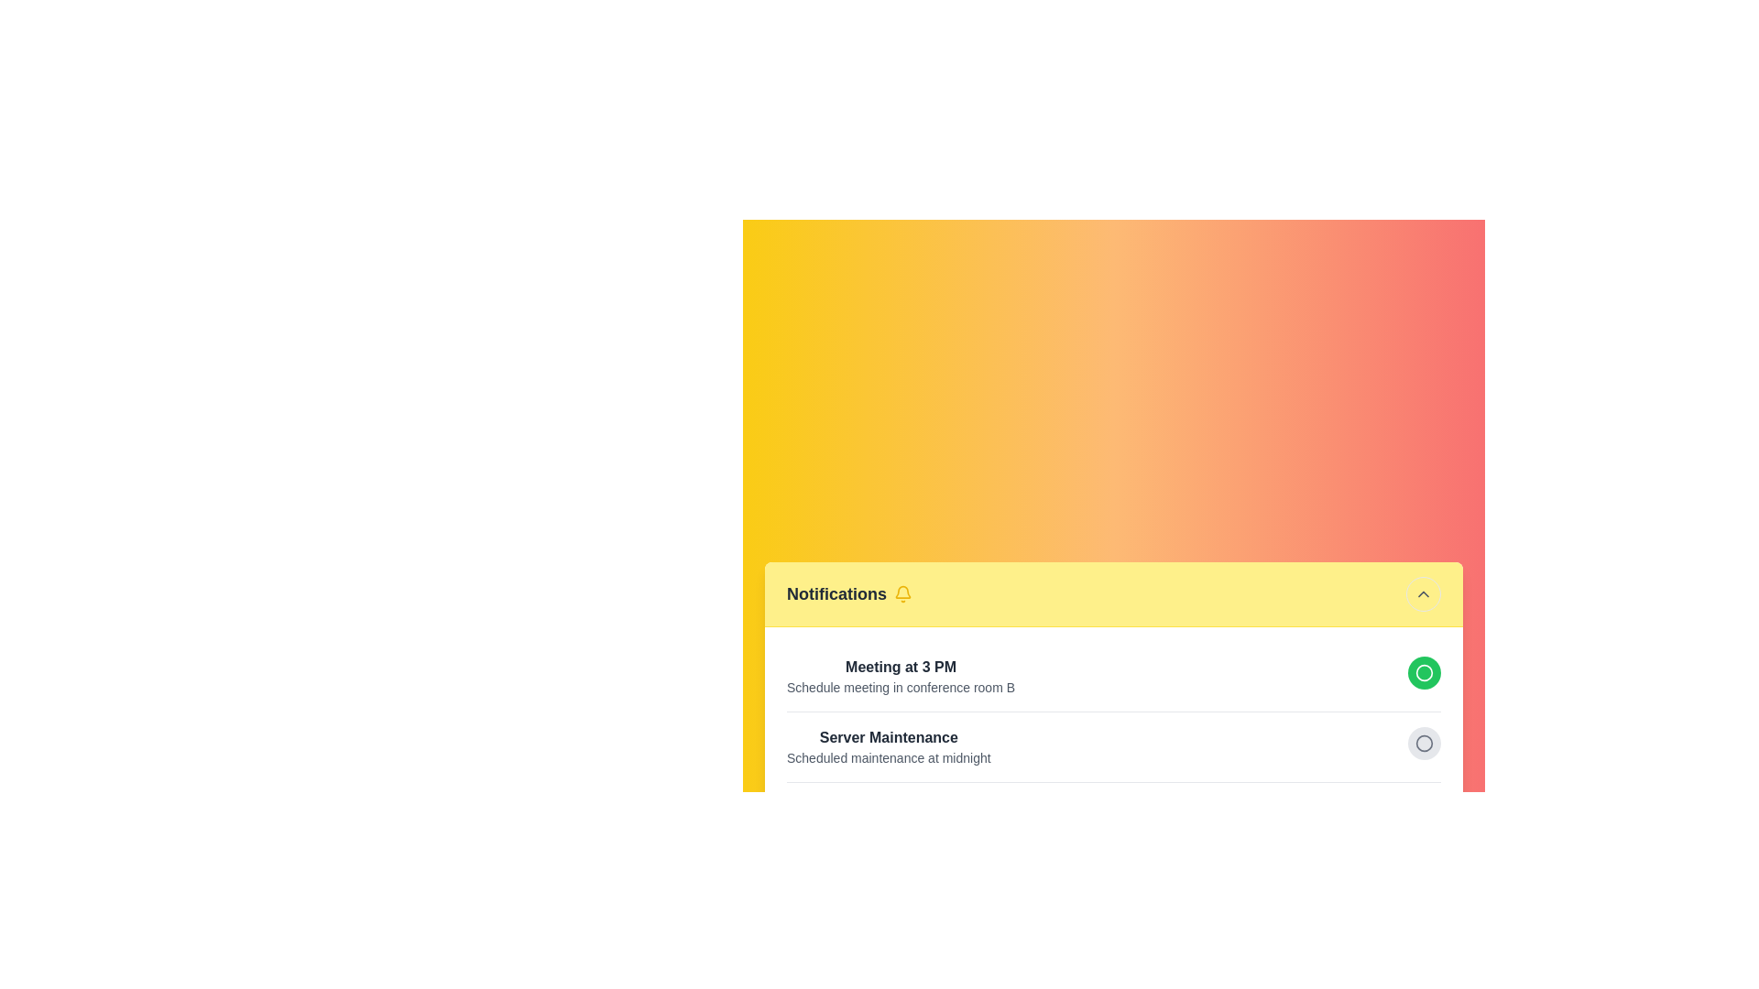 This screenshot has height=989, width=1759. I want to click on the central circular graphical icon component located at the bottom-right corner of the notification dropdown menu, near the 'Server Maintenance' item, if it is interactive, so click(1424, 743).